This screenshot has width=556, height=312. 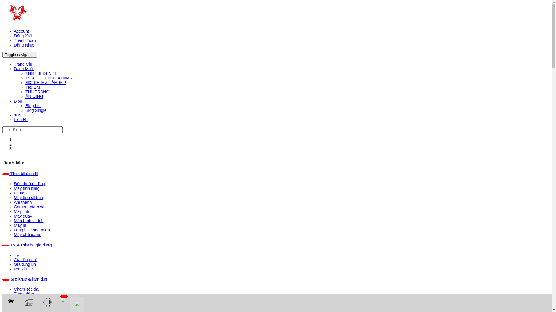 What do you see at coordinates (21, 31) in the screenshot?
I see `'Account'` at bounding box center [21, 31].